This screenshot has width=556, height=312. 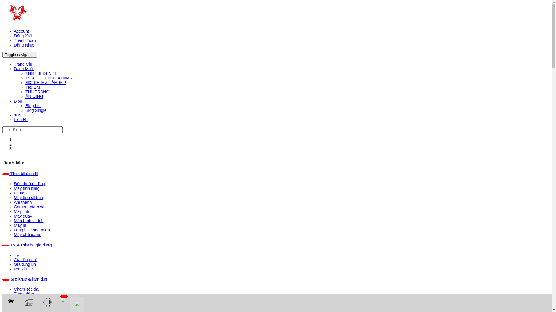 What do you see at coordinates (21, 31) in the screenshot?
I see `'Account'` at bounding box center [21, 31].